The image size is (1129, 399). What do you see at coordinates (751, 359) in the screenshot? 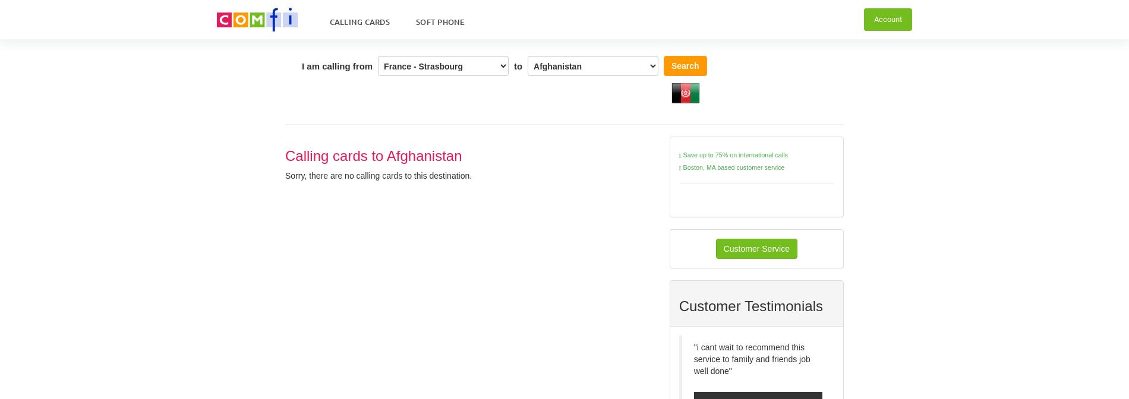
I see `'"i cant wait to recommend this service to family and friends job well done"'` at bounding box center [751, 359].